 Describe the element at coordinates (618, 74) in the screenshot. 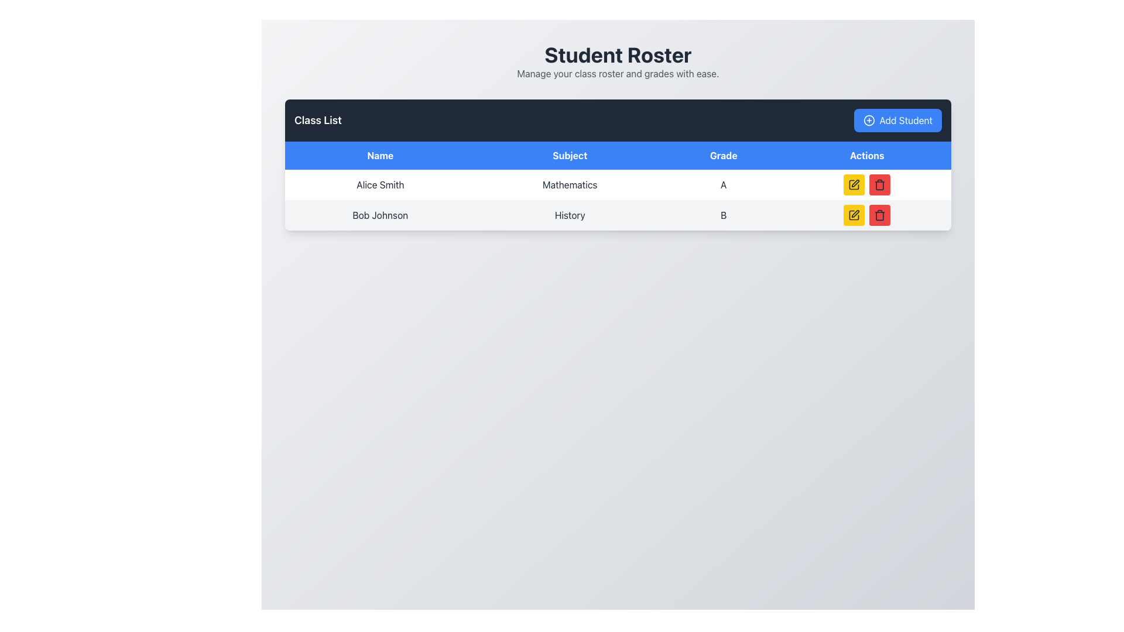

I see `the text block that reads 'Manage your class roster and grades with ease.' which is located below the 'Student Roster' header` at that location.